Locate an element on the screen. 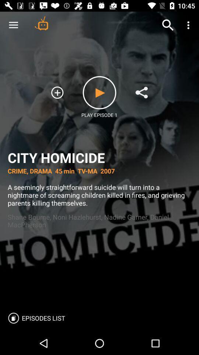 The width and height of the screenshot is (199, 355). tap to play is located at coordinates (99, 92).